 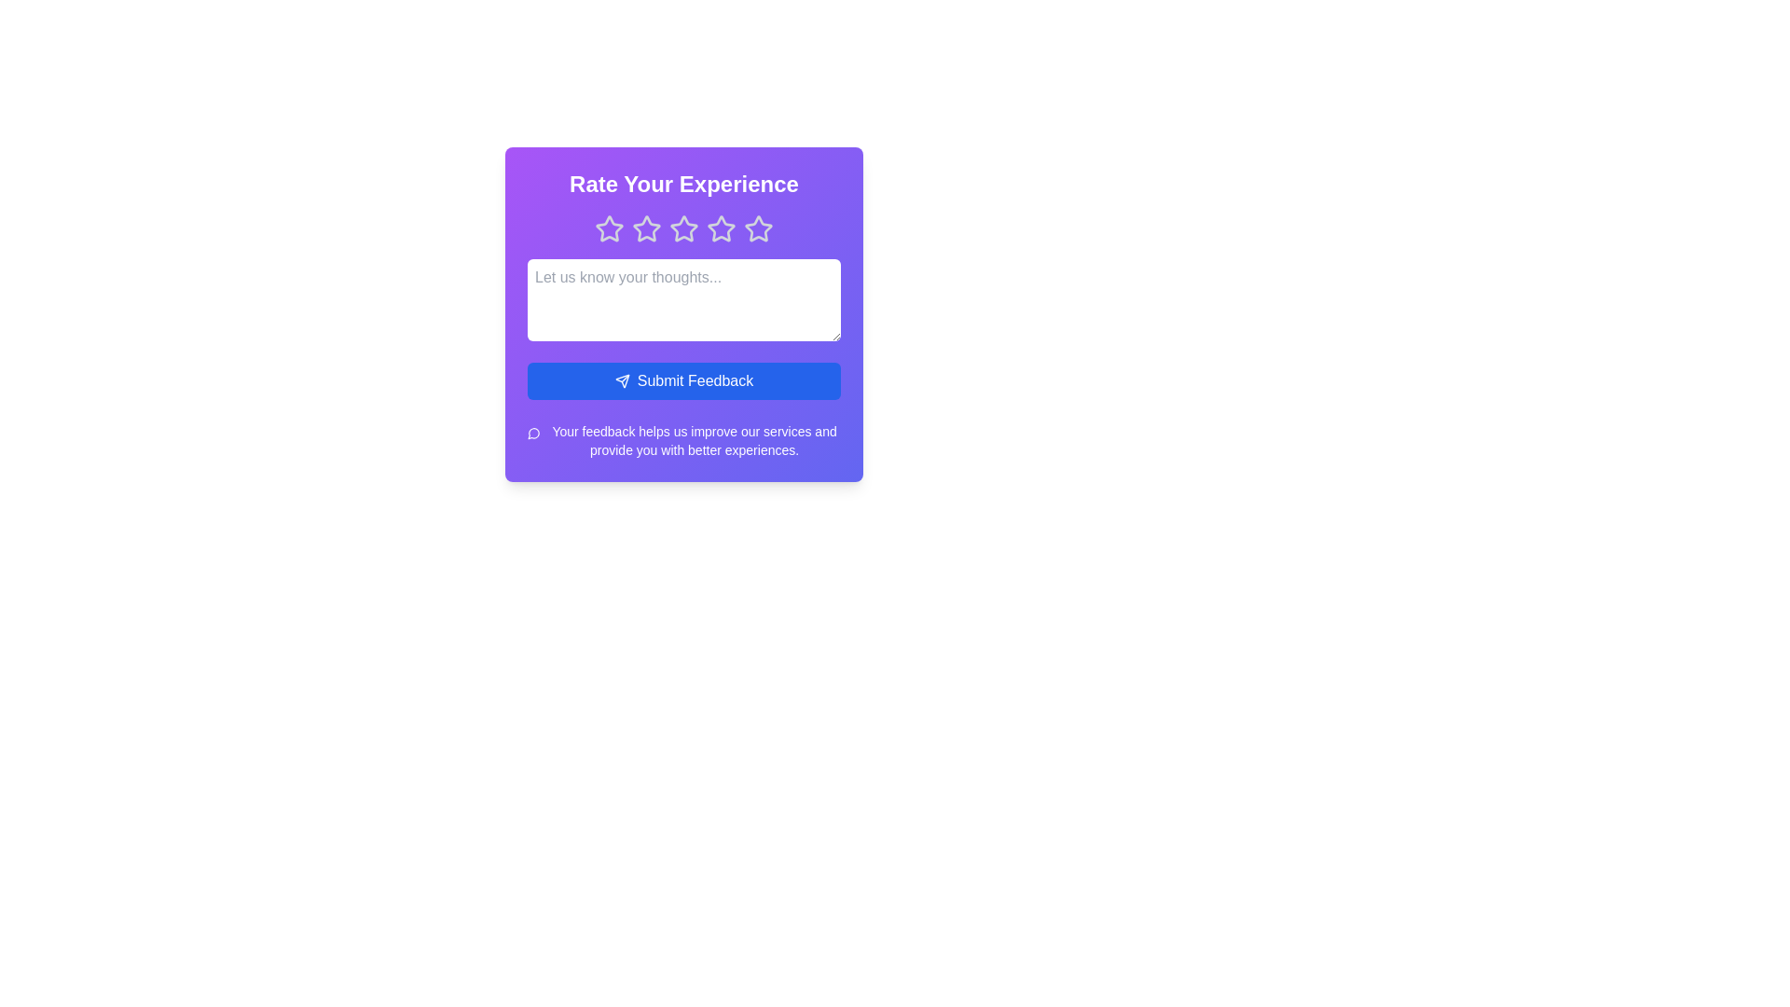 What do you see at coordinates (609, 228) in the screenshot?
I see `the first star in the star rating system to indicate selection for a one-star rating` at bounding box center [609, 228].